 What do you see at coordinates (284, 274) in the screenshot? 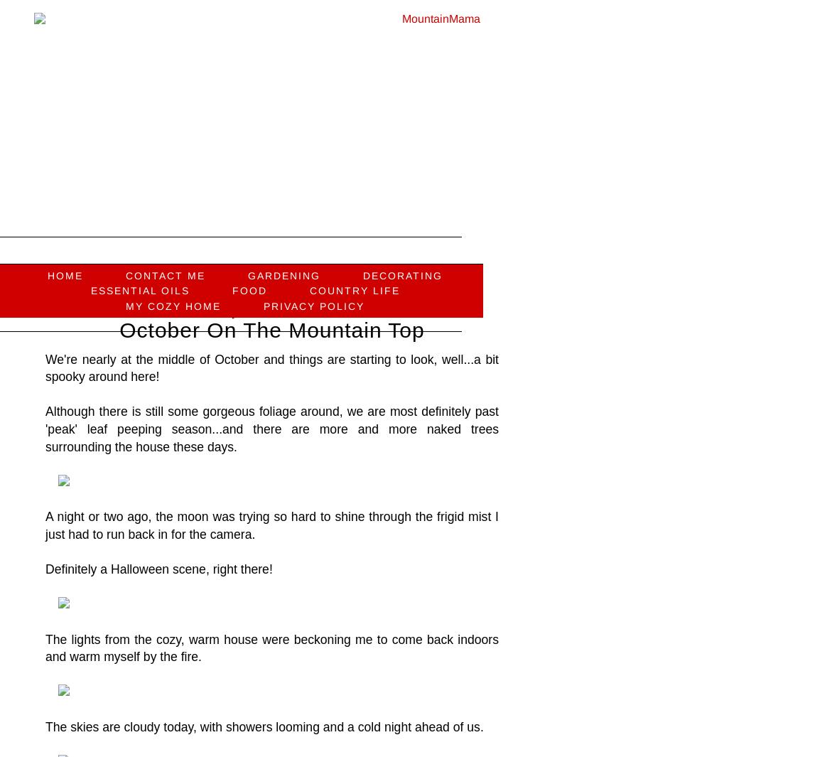
I see `'GARDENING'` at bounding box center [284, 274].